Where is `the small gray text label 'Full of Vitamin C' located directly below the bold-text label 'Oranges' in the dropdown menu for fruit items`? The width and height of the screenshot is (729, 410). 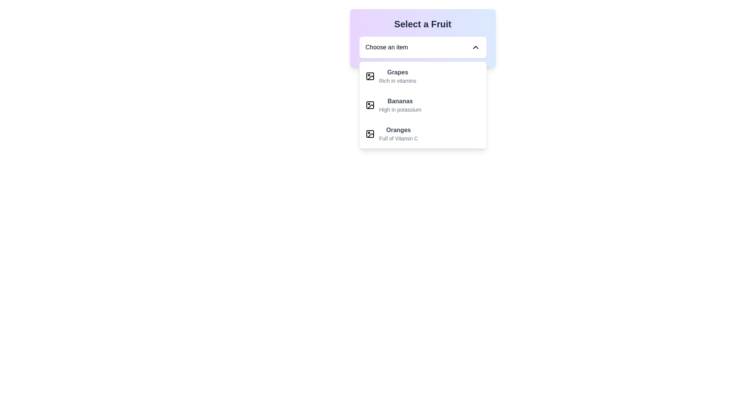
the small gray text label 'Full of Vitamin C' located directly below the bold-text label 'Oranges' in the dropdown menu for fruit items is located at coordinates (398, 139).